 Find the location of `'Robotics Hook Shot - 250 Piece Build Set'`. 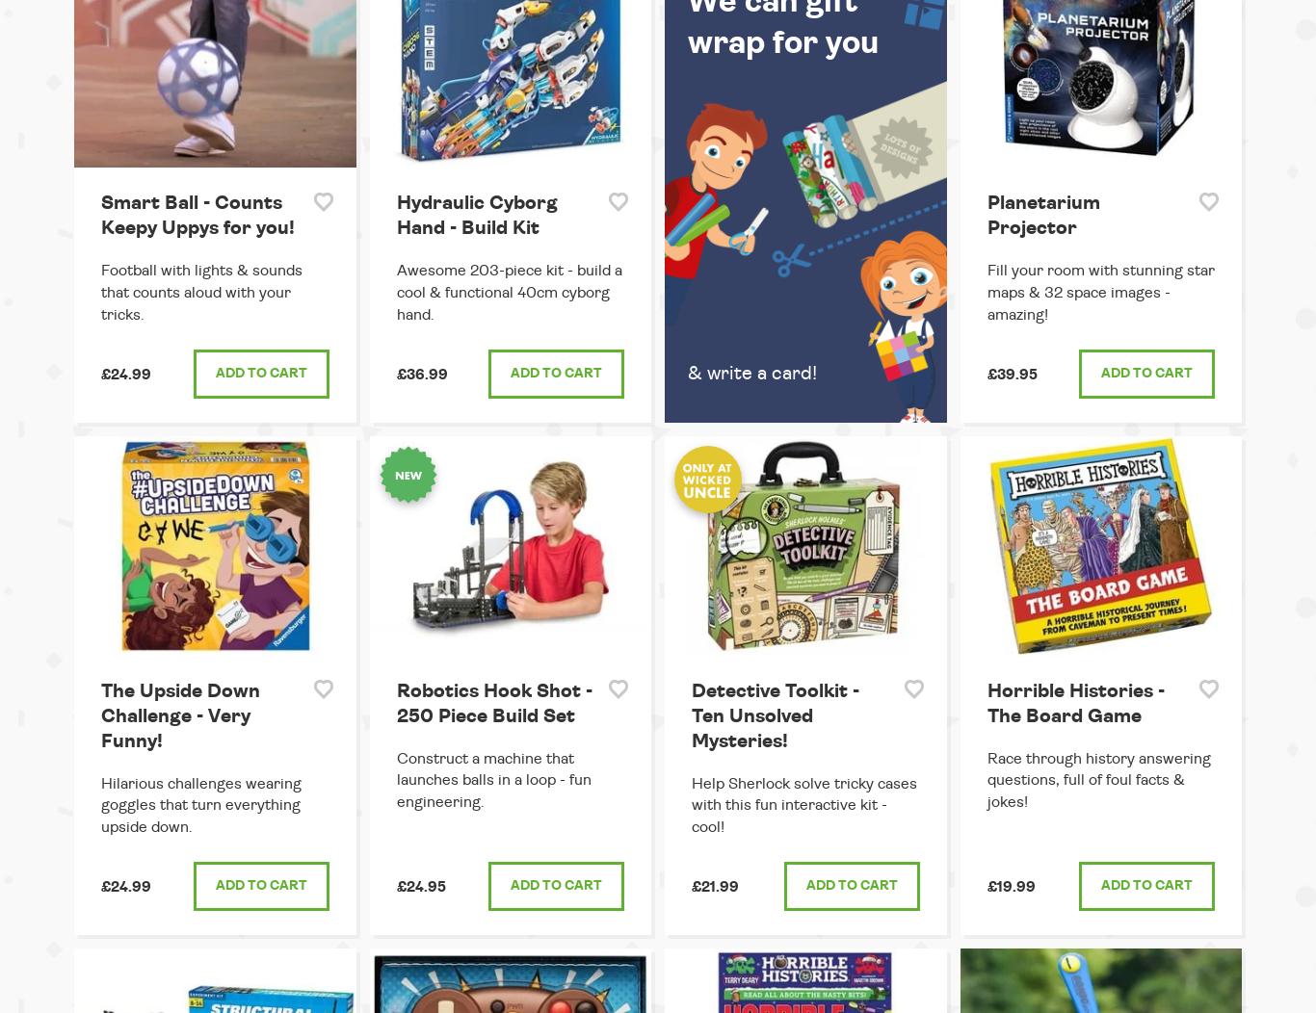

'Robotics Hook Shot - 250 Piece Build Set' is located at coordinates (493, 702).